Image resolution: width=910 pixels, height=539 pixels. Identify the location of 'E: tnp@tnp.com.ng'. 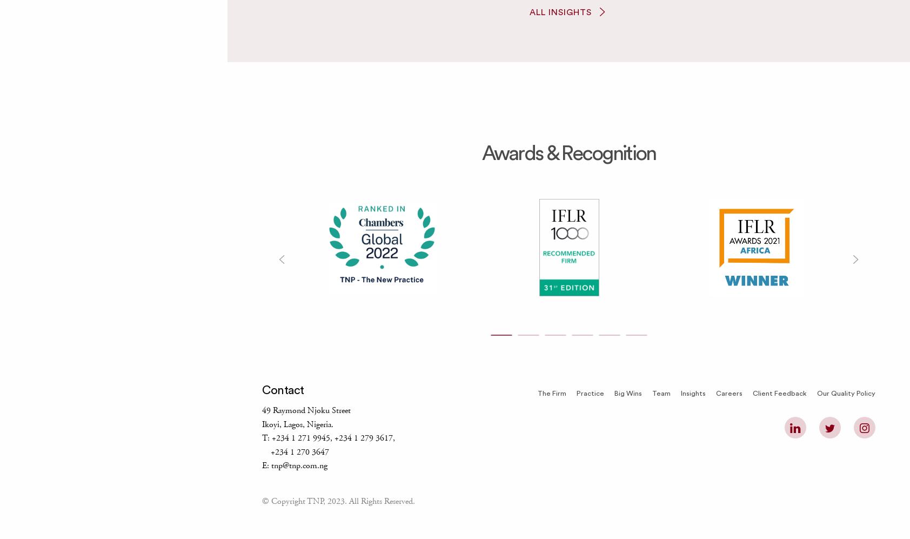
(294, 465).